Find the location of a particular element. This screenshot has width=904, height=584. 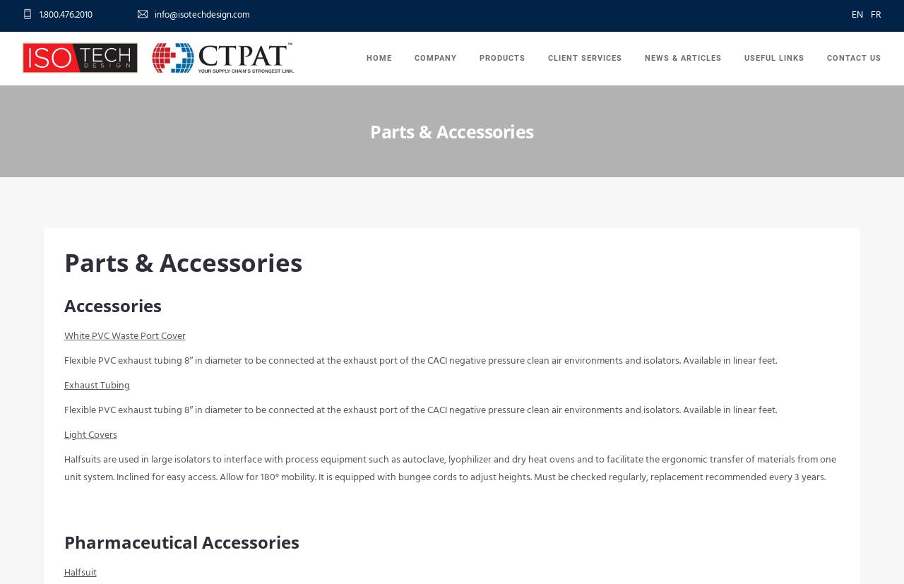

'1.800.476.2010' is located at coordinates (39, 15).